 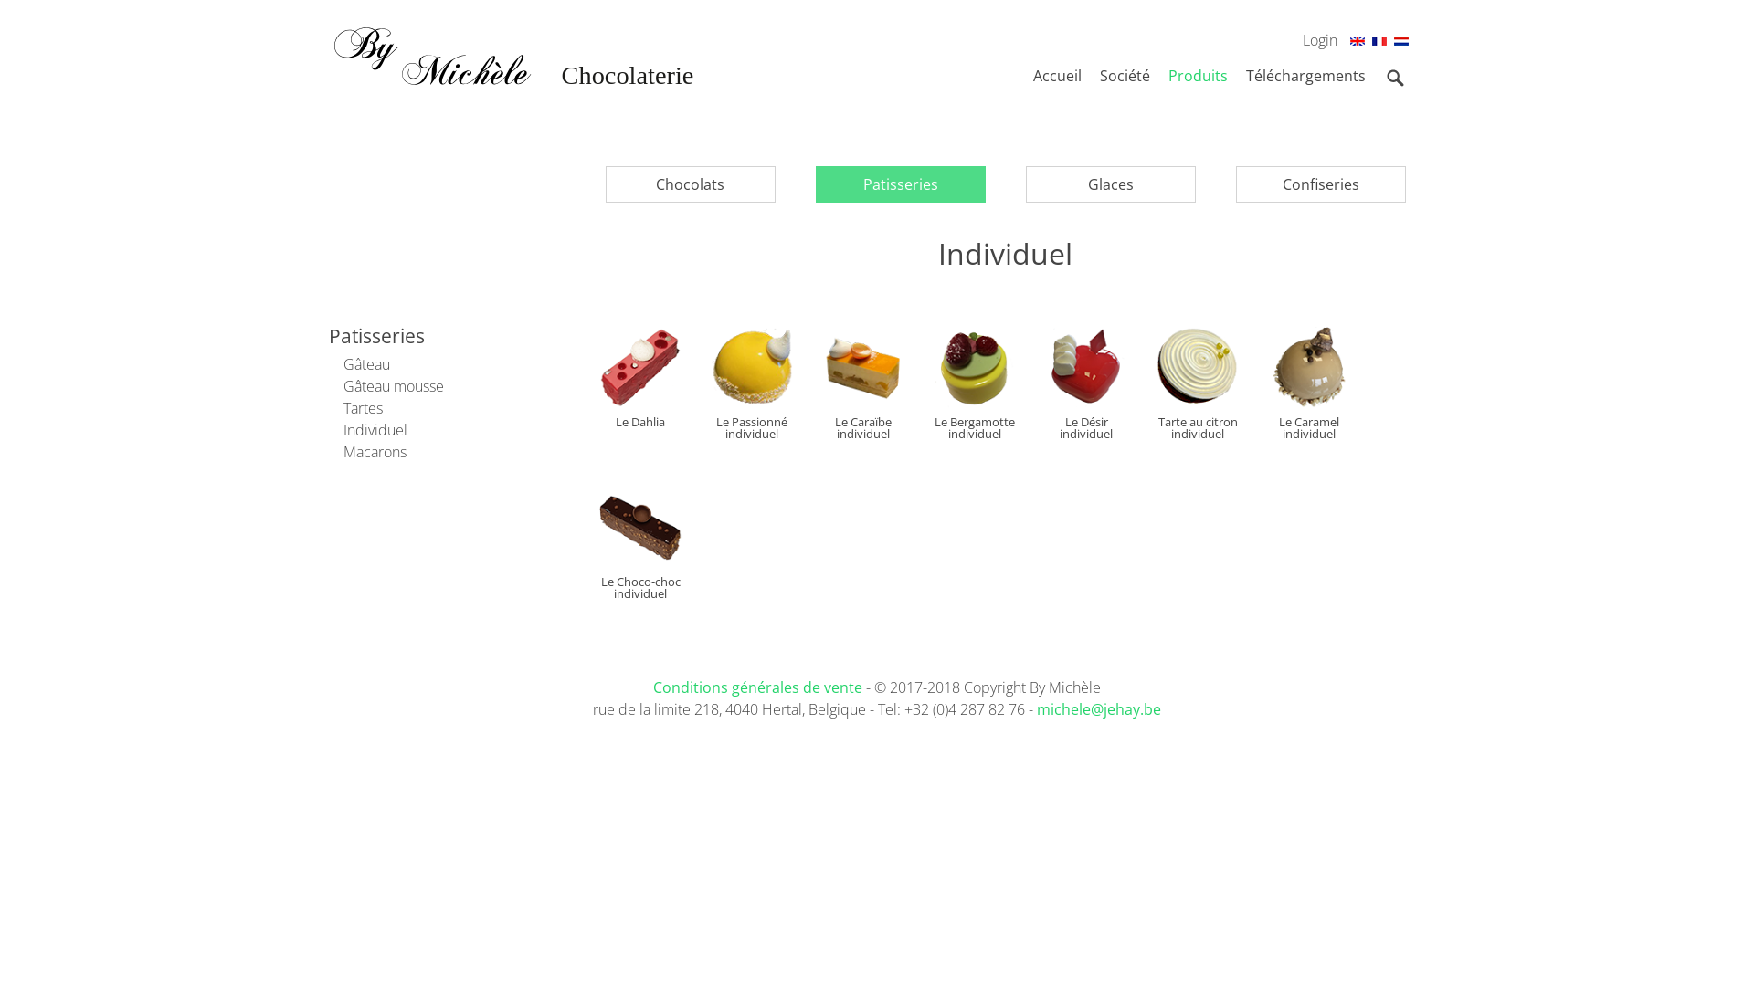 What do you see at coordinates (1319, 39) in the screenshot?
I see `'Login'` at bounding box center [1319, 39].